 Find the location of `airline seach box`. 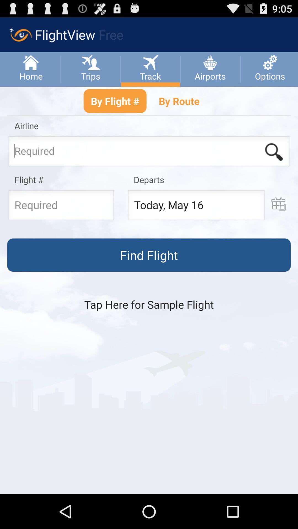

airline seach box is located at coordinates (149, 153).